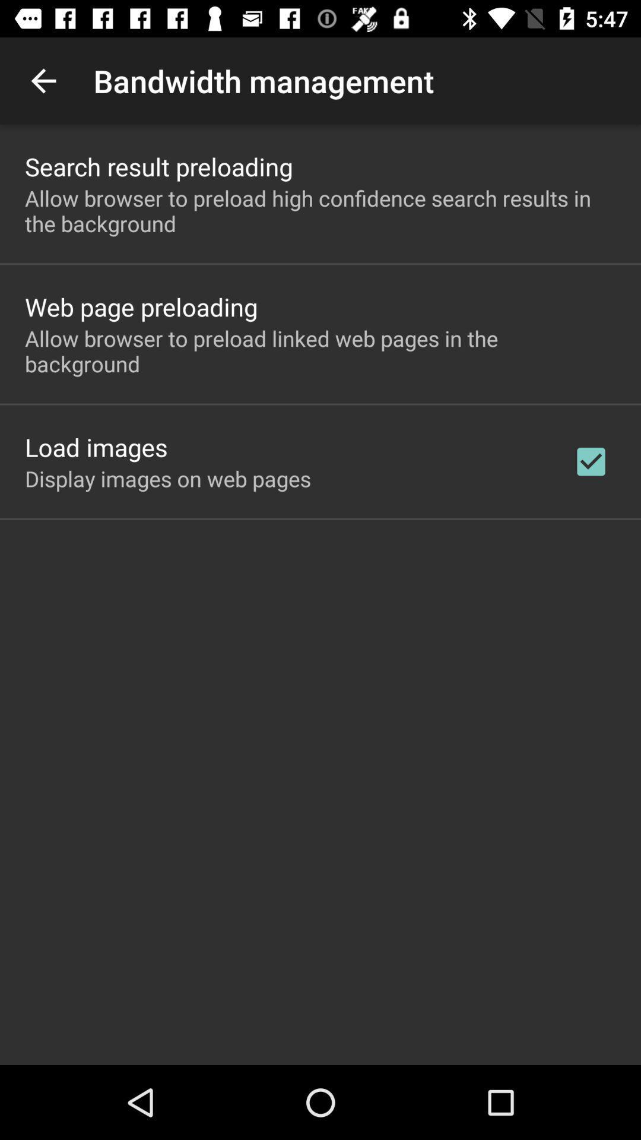 The height and width of the screenshot is (1140, 641). What do you see at coordinates (591, 461) in the screenshot?
I see `icon next to the display images on icon` at bounding box center [591, 461].